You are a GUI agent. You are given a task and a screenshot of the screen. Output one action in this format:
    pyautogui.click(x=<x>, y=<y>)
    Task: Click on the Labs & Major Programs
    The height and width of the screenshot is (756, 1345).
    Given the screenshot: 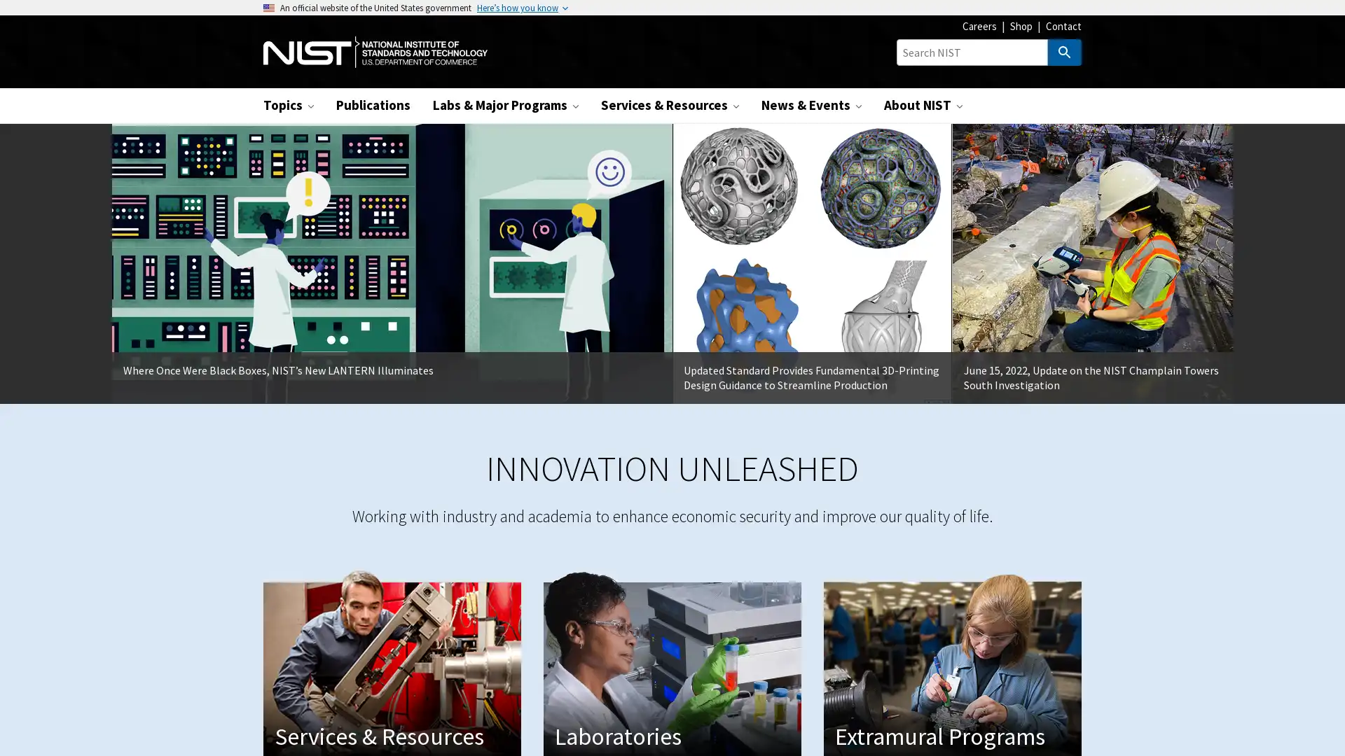 What is the action you would take?
    pyautogui.click(x=504, y=104)
    